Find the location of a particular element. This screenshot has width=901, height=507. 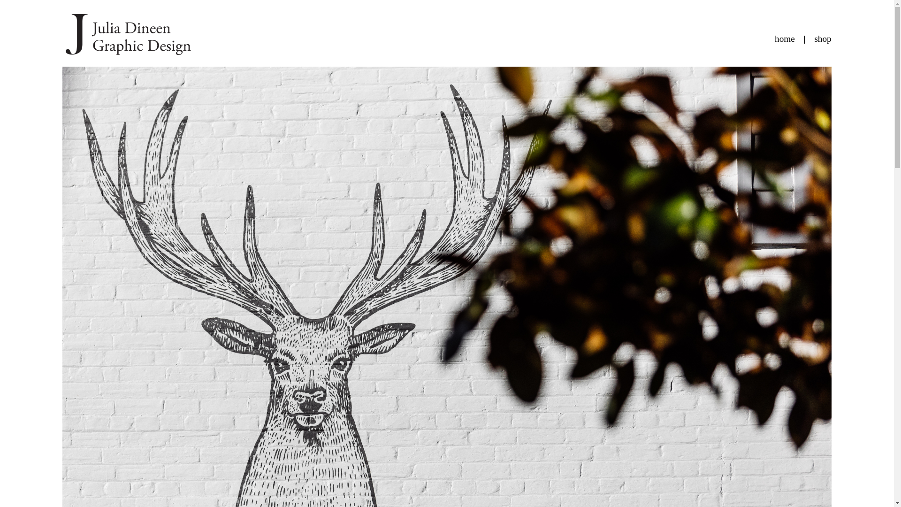

'home' is located at coordinates (785, 38).